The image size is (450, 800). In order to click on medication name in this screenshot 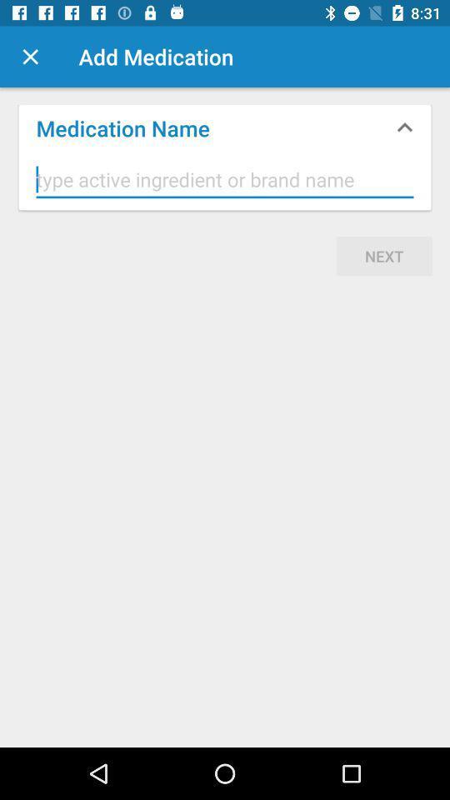, I will do `click(225, 180)`.